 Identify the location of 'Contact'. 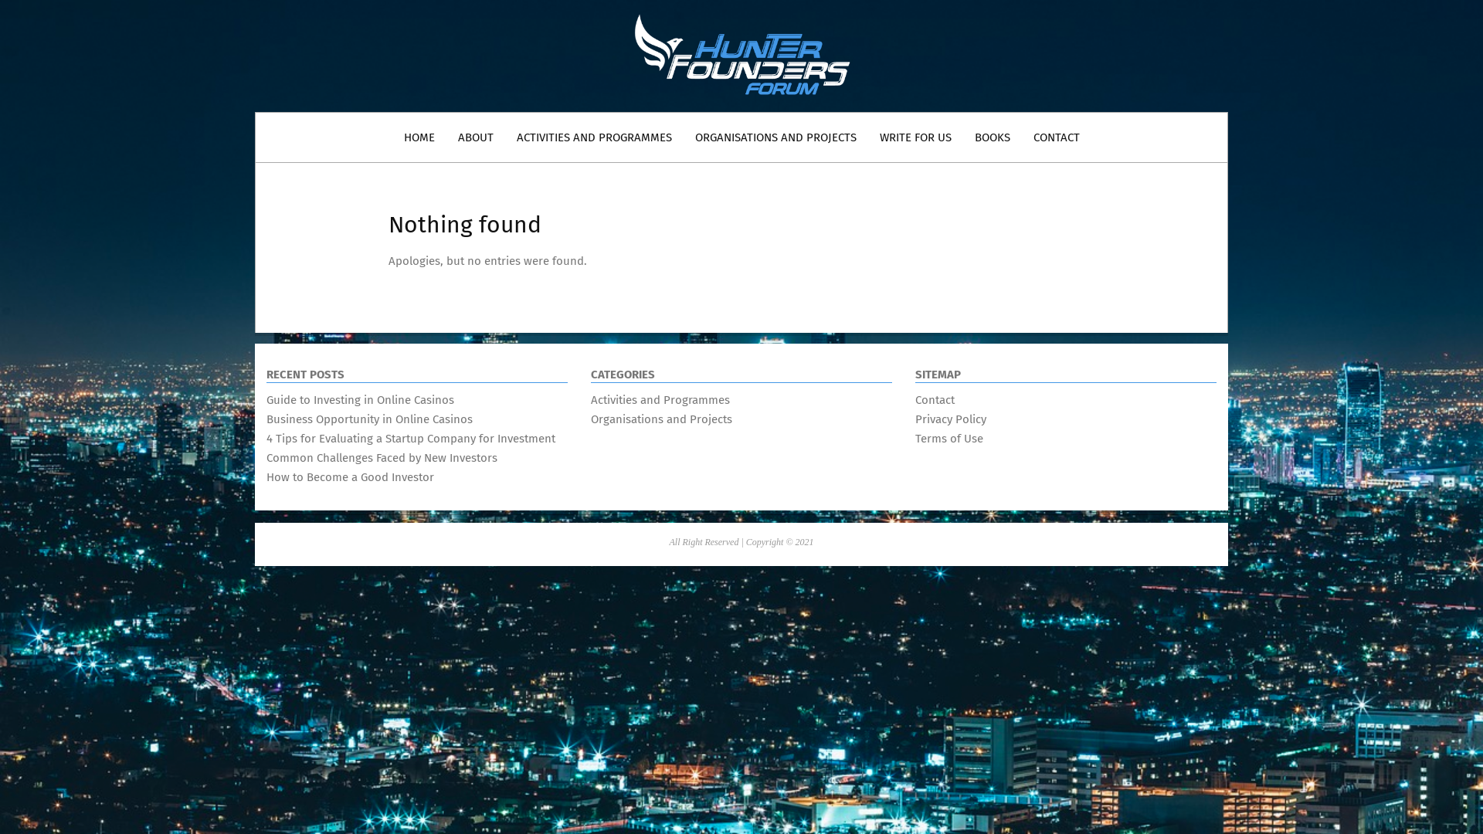
(934, 398).